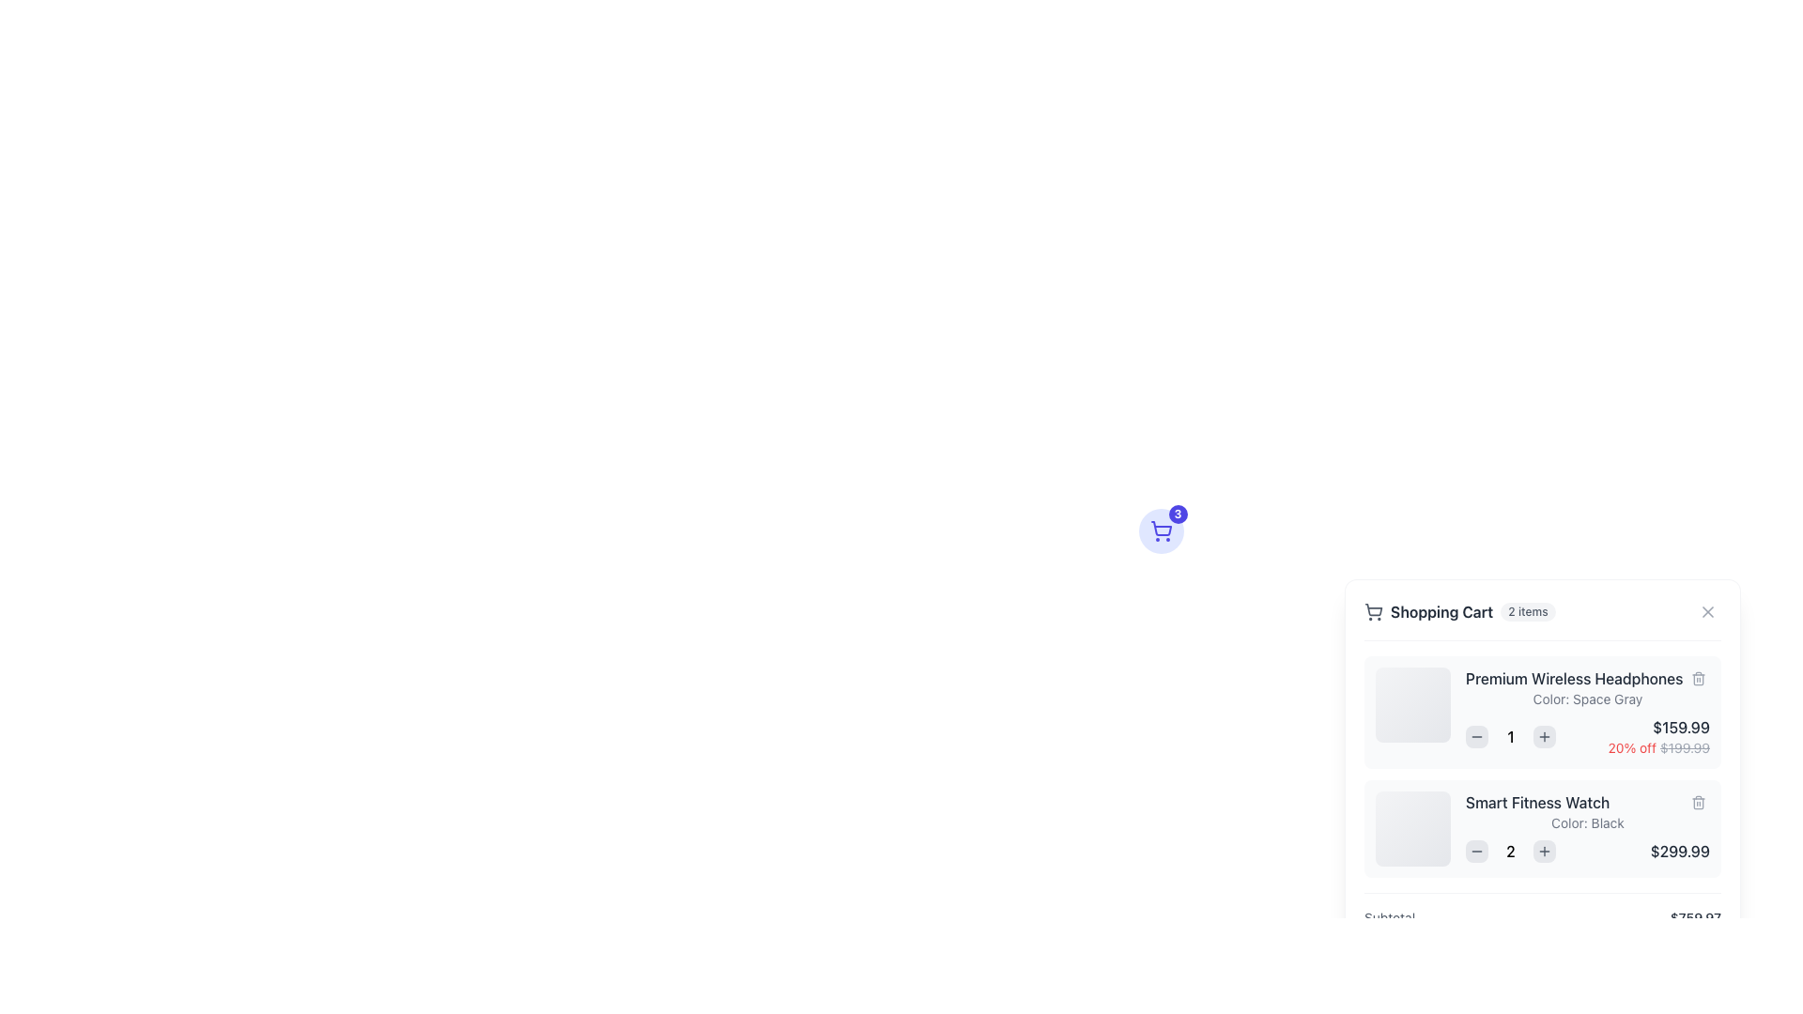  Describe the element at coordinates (1586, 822) in the screenshot. I see `the small gray 'Color: Black' label located below the title 'Smart Fitness Watch' in the shopping cart` at that location.